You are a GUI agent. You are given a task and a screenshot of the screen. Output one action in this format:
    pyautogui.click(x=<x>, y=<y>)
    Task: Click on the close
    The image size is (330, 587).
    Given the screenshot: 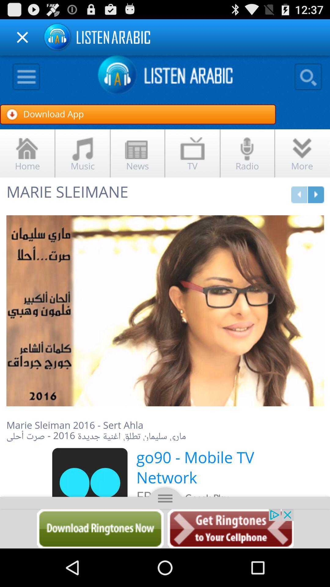 What is the action you would take?
    pyautogui.click(x=22, y=37)
    